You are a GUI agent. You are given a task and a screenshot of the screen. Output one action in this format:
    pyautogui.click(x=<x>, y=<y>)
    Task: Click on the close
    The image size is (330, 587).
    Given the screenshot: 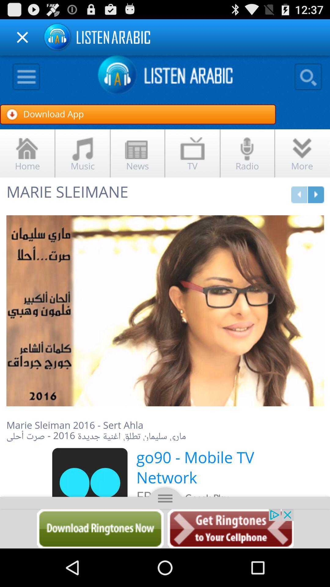 What is the action you would take?
    pyautogui.click(x=22, y=37)
    